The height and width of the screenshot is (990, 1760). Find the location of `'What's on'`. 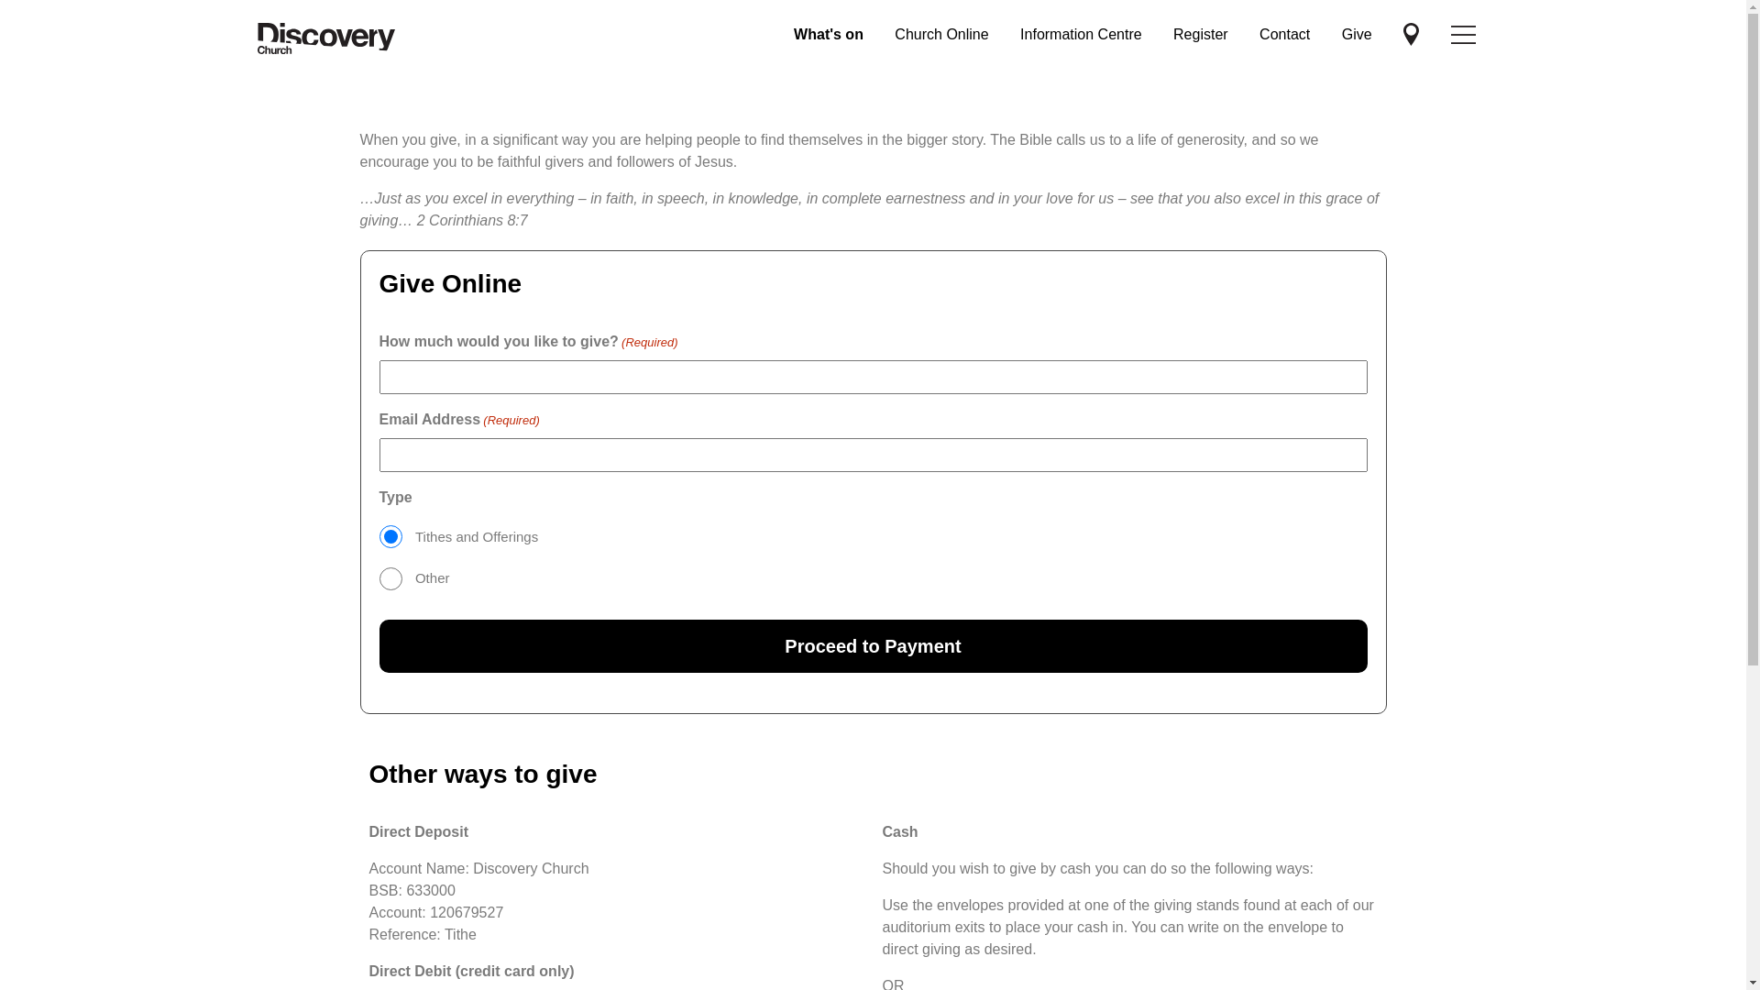

'What's on' is located at coordinates (827, 34).